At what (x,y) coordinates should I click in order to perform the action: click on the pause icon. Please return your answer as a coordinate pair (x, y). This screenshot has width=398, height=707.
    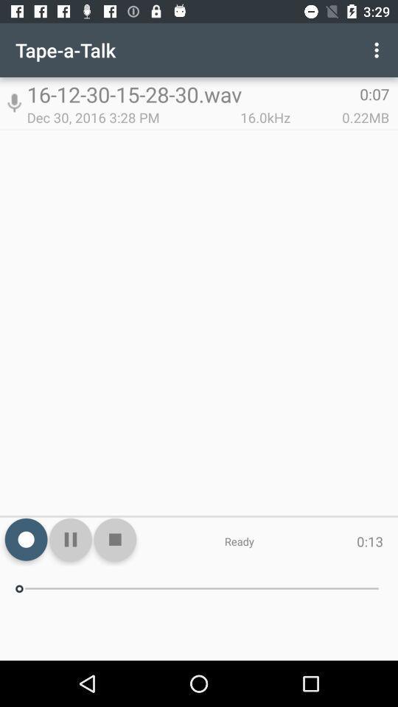
    Looking at the image, I should click on (70, 538).